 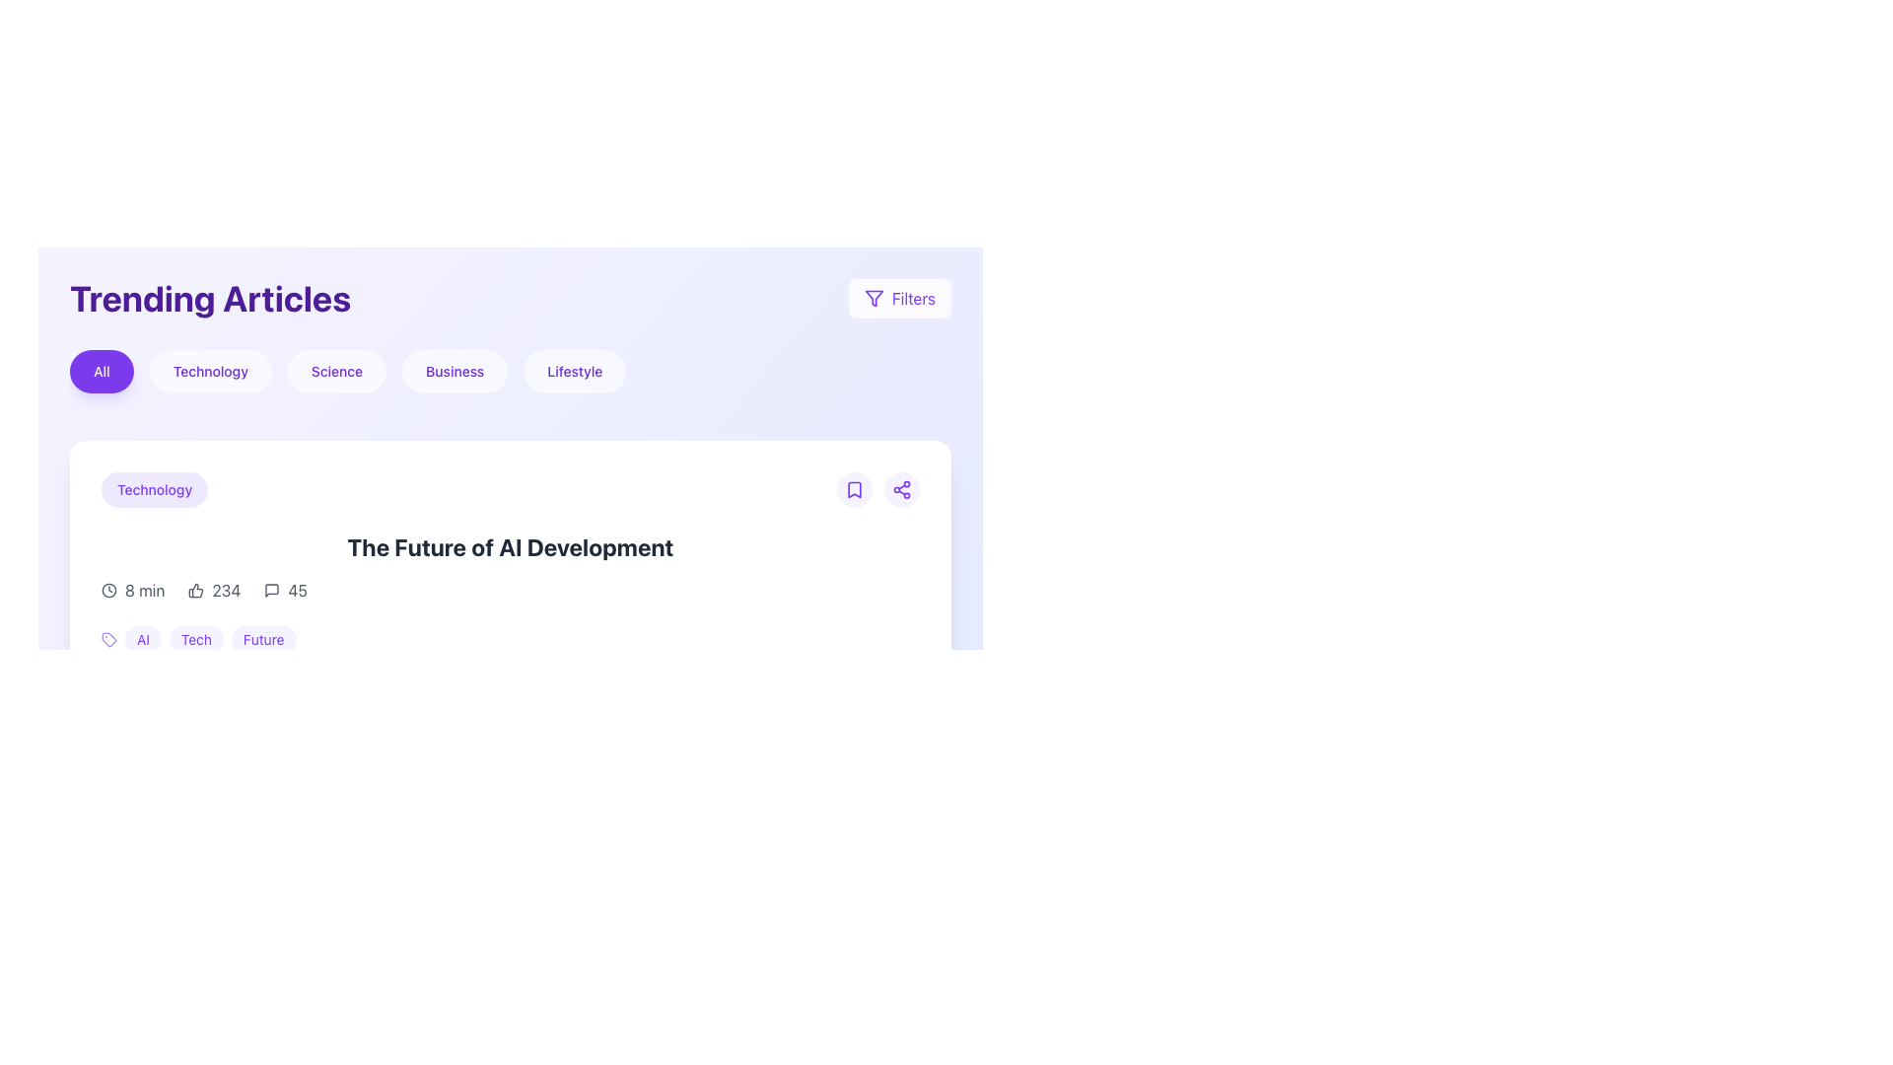 What do you see at coordinates (107, 639) in the screenshot?
I see `icon located on the leftmost side of a horizontal group, which visually accompanies the text tags 'AI', 'Tech', and 'Future'` at bounding box center [107, 639].